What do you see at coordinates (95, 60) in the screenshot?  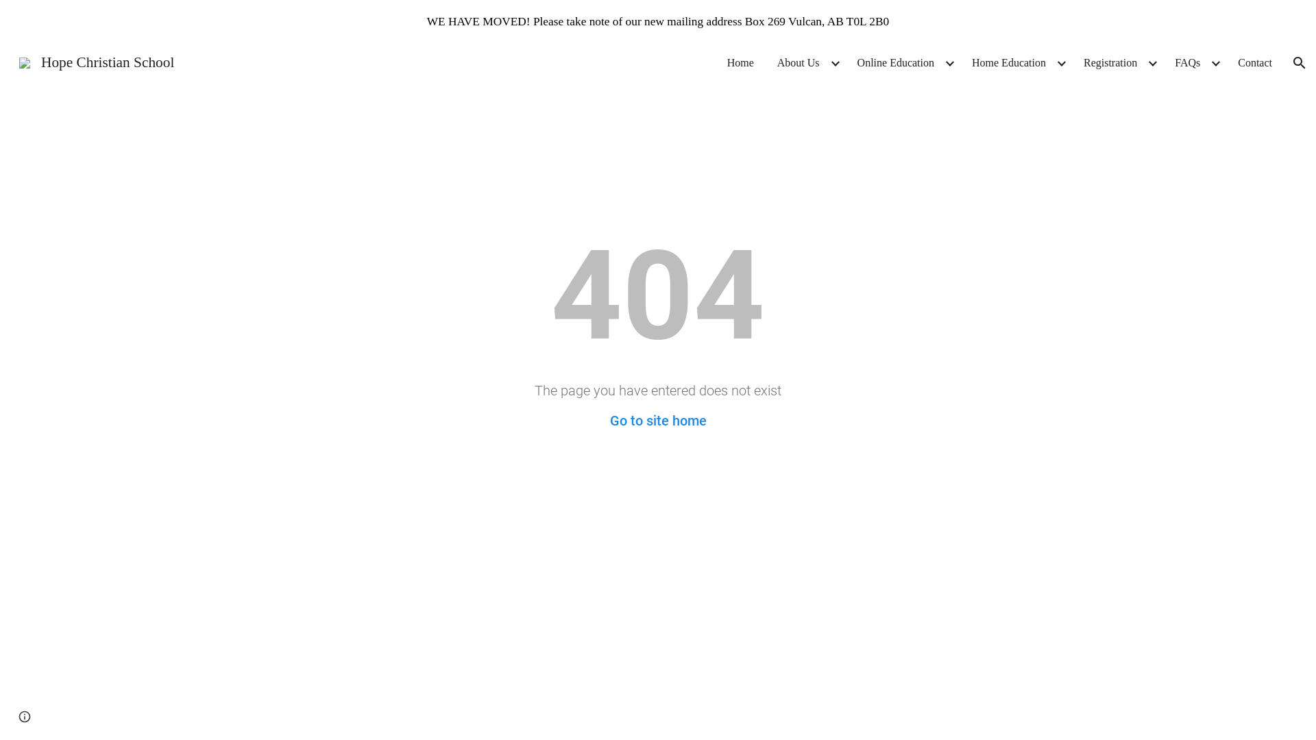 I see `'Hope Christian School'` at bounding box center [95, 60].